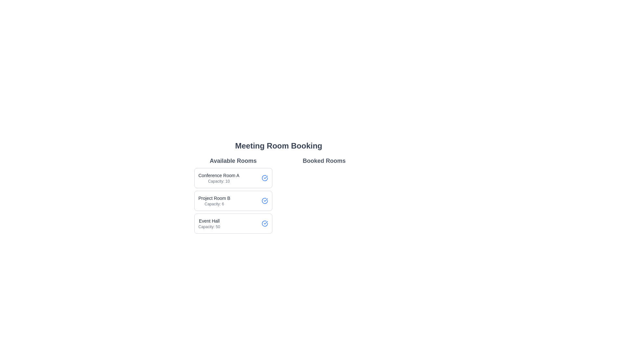  What do you see at coordinates (279, 195) in the screenshot?
I see `the interactive icons in the 'Available Rooms' section, which is centrally located under the title 'Meeting Room Booking'` at bounding box center [279, 195].